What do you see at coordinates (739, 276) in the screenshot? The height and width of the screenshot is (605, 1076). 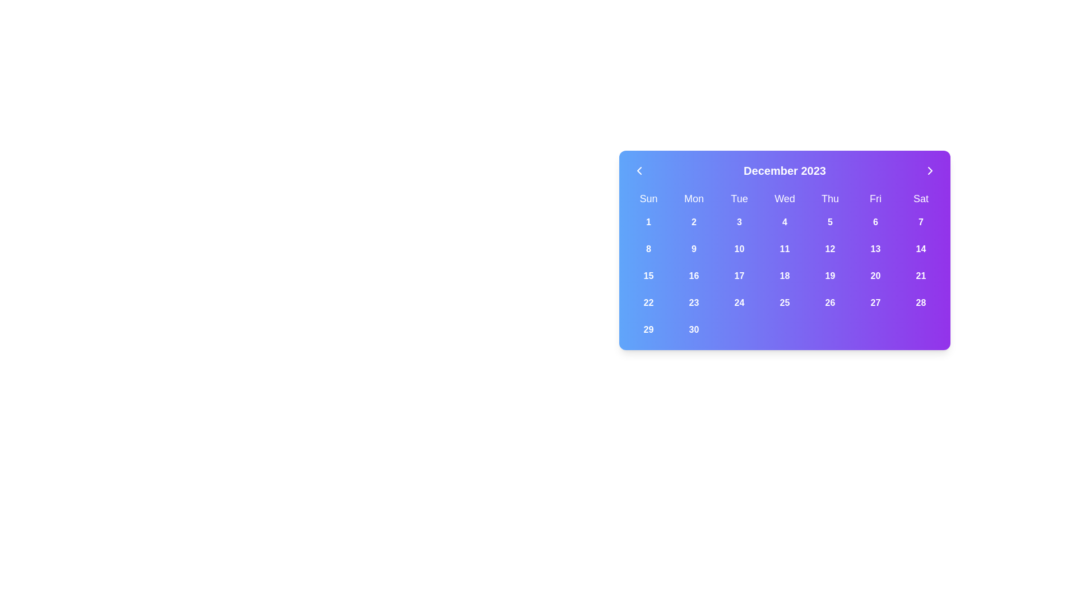 I see `the selectable day '17' button` at bounding box center [739, 276].